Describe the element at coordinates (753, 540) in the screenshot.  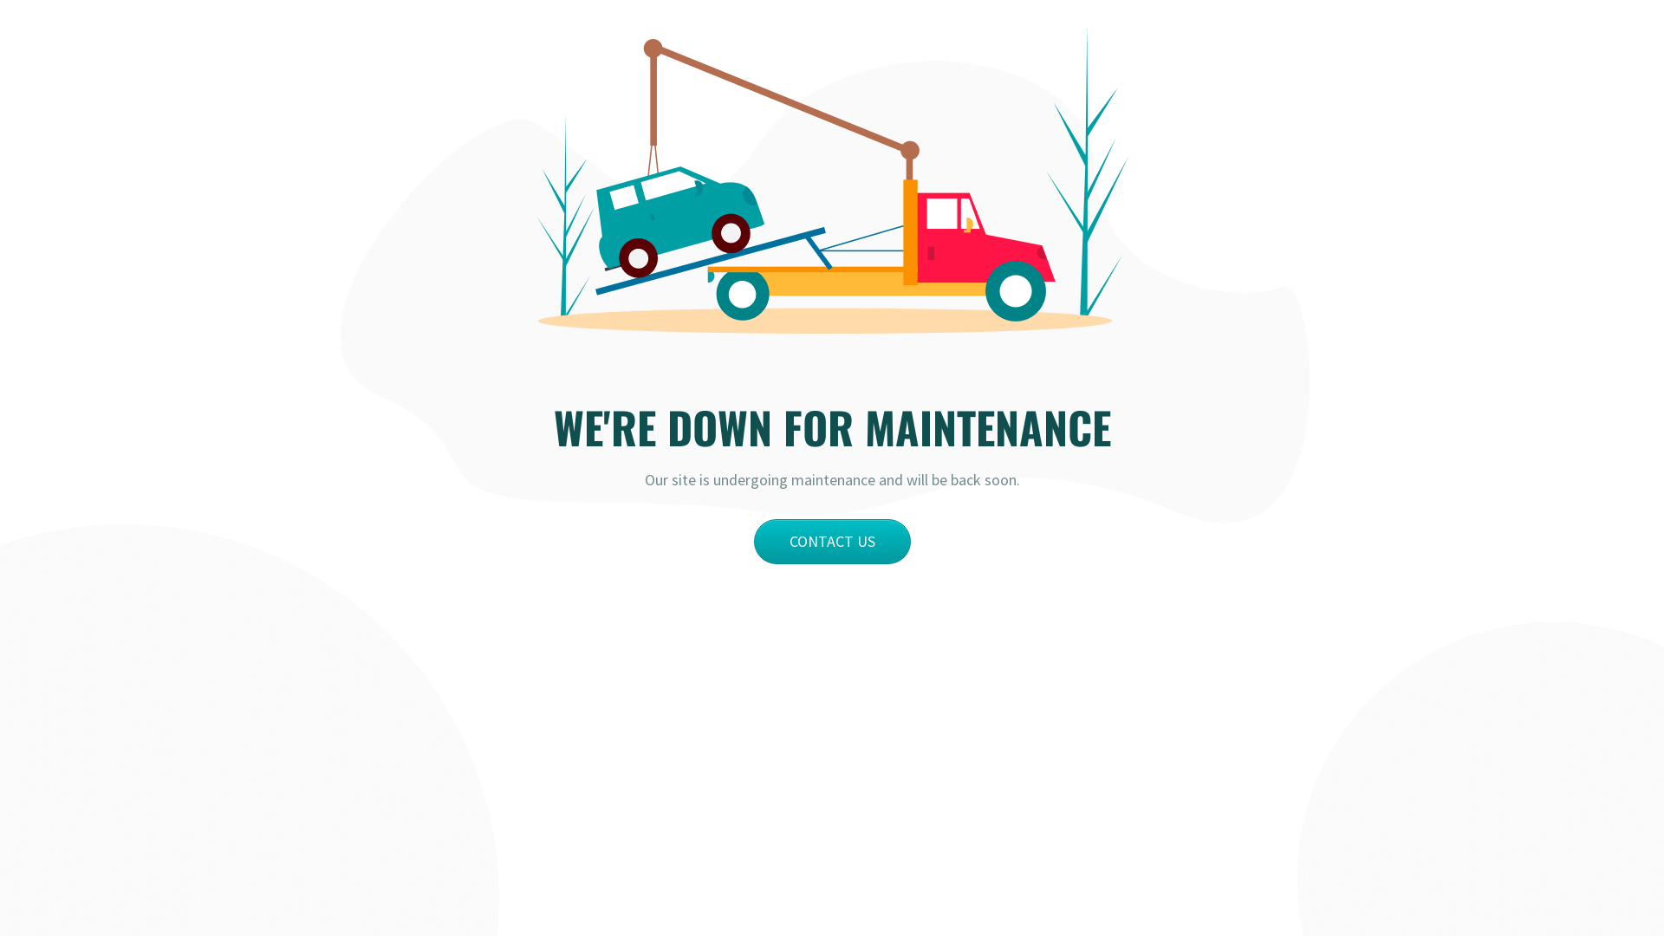
I see `'CONTACT US'` at that location.